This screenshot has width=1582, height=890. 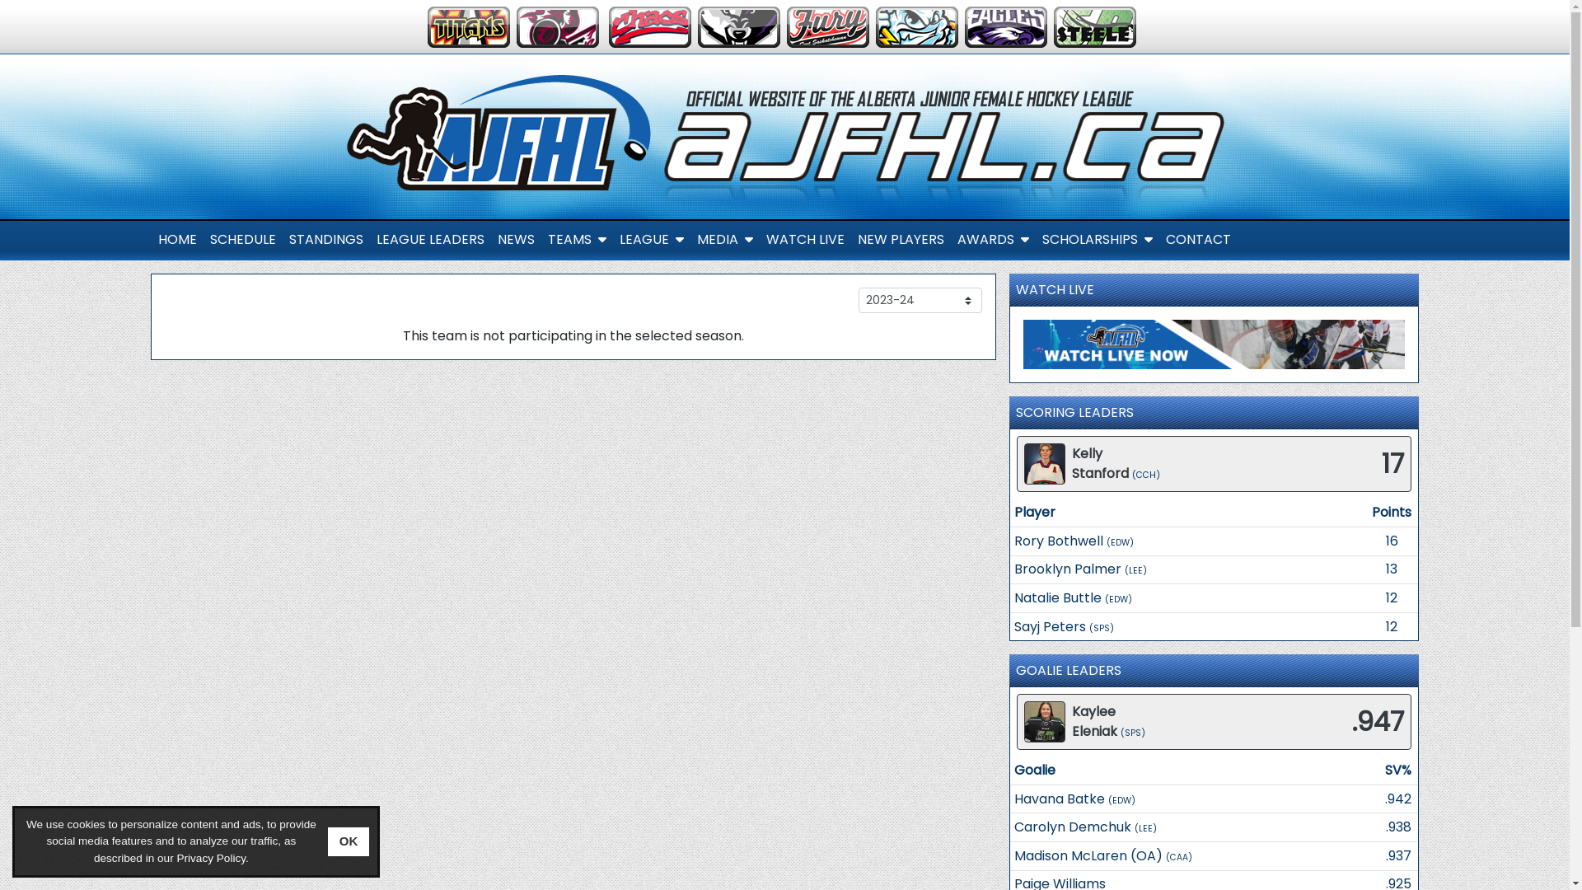 I want to click on 'OK', so click(x=348, y=841).